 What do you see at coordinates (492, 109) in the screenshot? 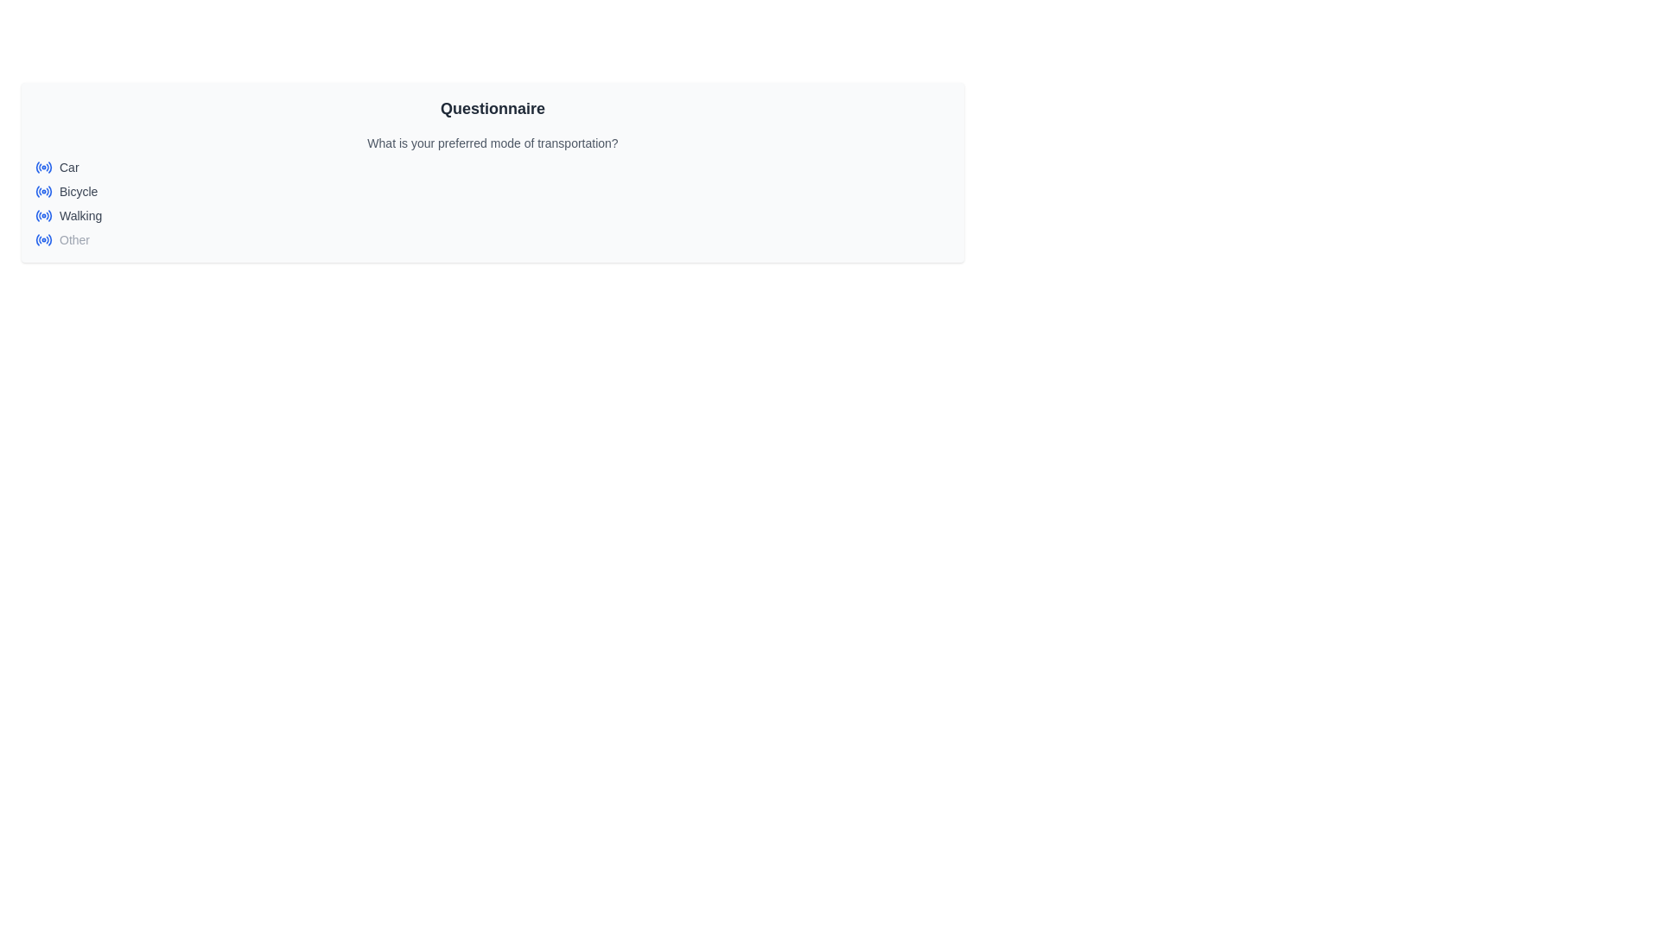
I see `the static text label that serves as the header for the questionnaire section` at bounding box center [492, 109].